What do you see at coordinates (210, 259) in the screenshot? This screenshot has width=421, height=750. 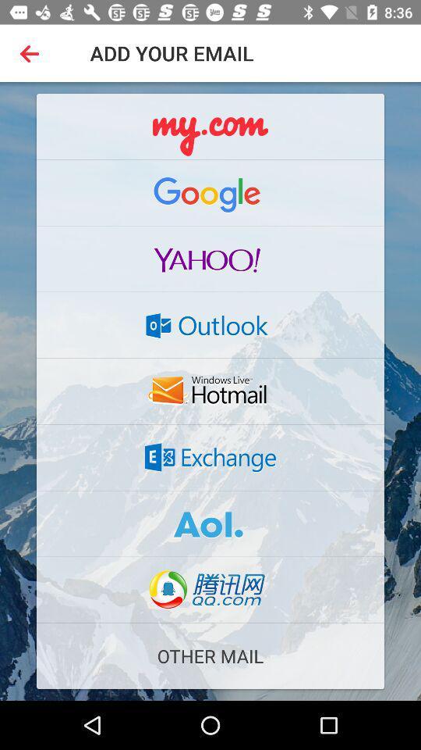 I see `yahoo option` at bounding box center [210, 259].